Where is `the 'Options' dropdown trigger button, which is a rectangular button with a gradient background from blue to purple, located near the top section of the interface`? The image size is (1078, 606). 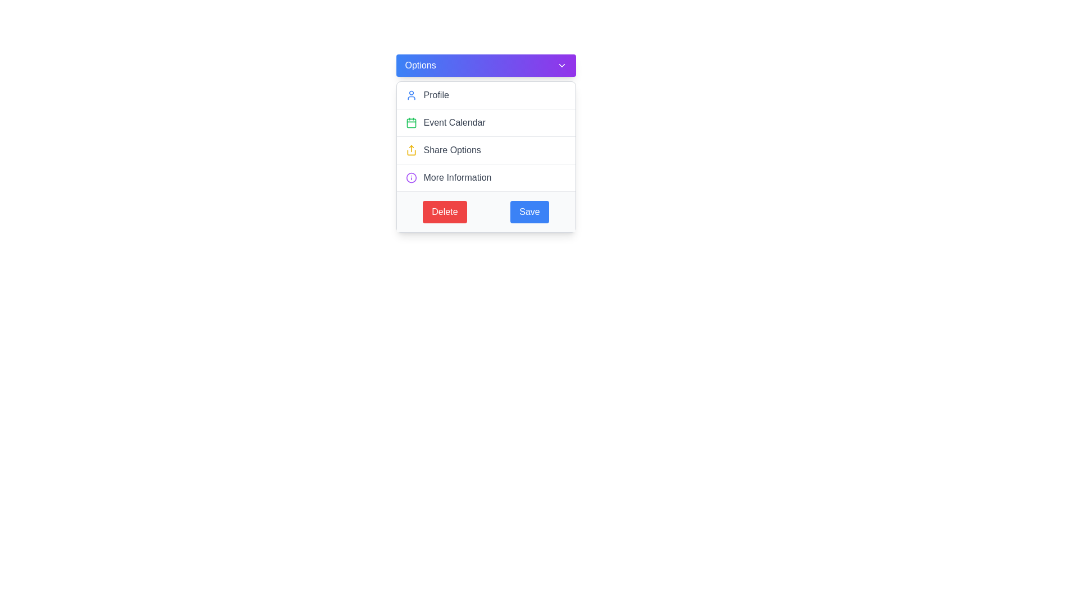
the 'Options' dropdown trigger button, which is a rectangular button with a gradient background from blue to purple, located near the top section of the interface is located at coordinates (486, 65).